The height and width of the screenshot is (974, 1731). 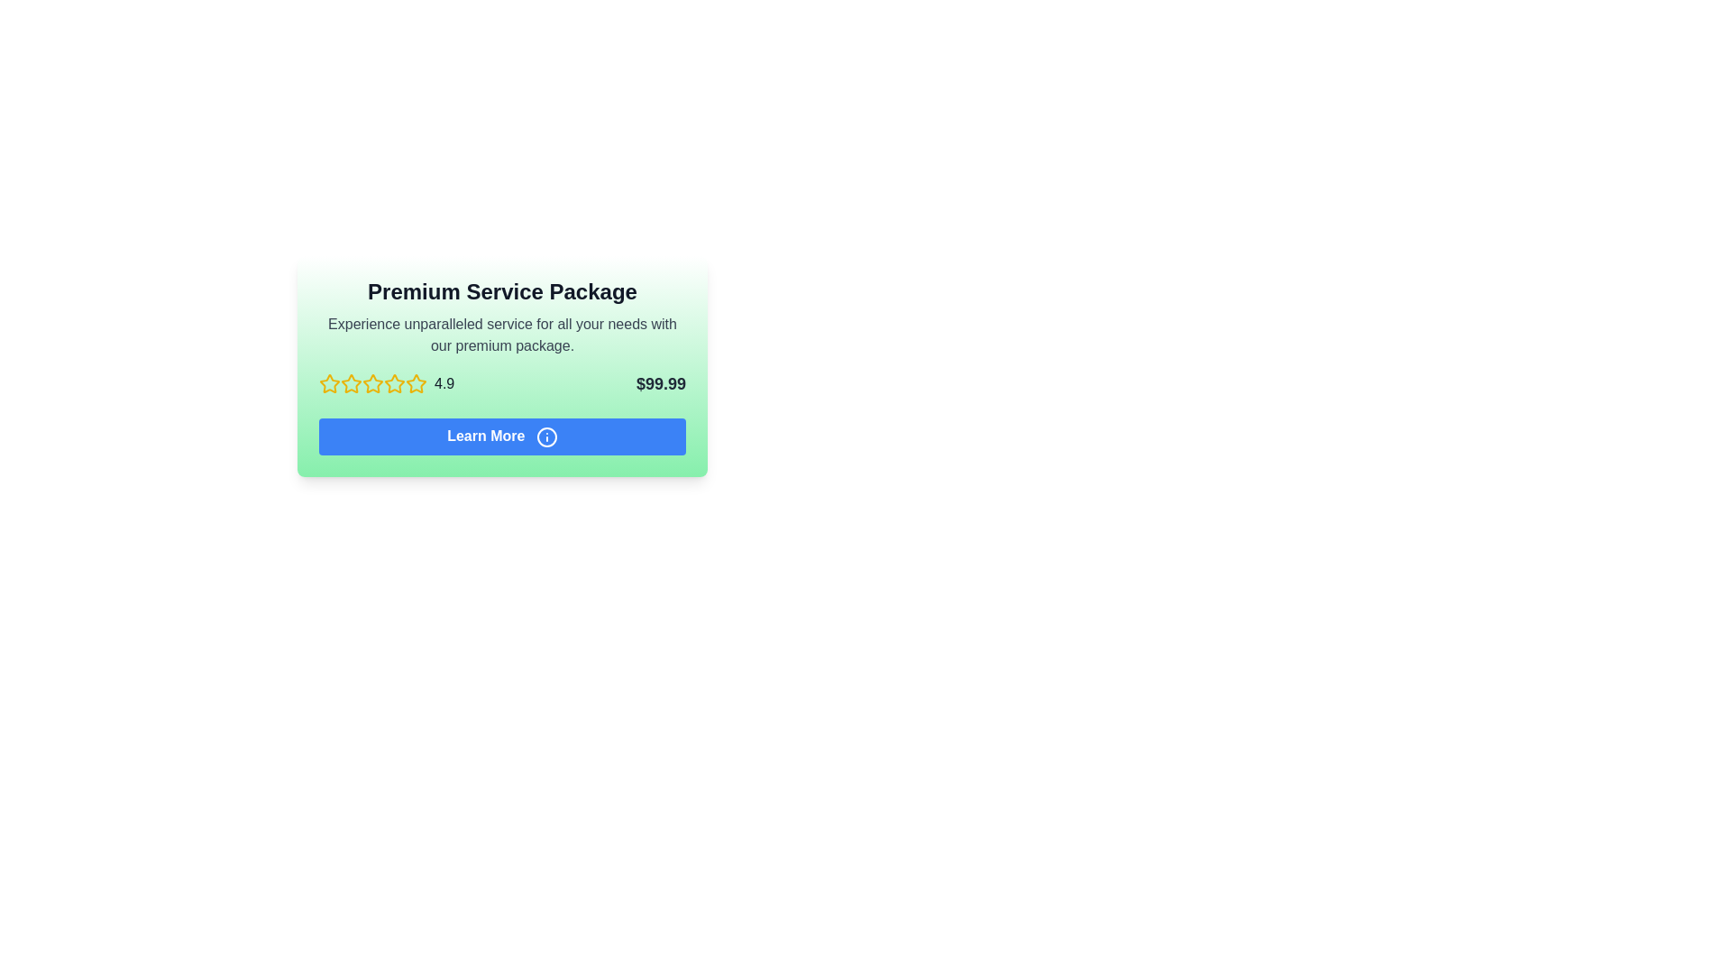 I want to click on the third star icon in the five-level user rating system to provide visual feedback for user ratings, so click(x=393, y=382).